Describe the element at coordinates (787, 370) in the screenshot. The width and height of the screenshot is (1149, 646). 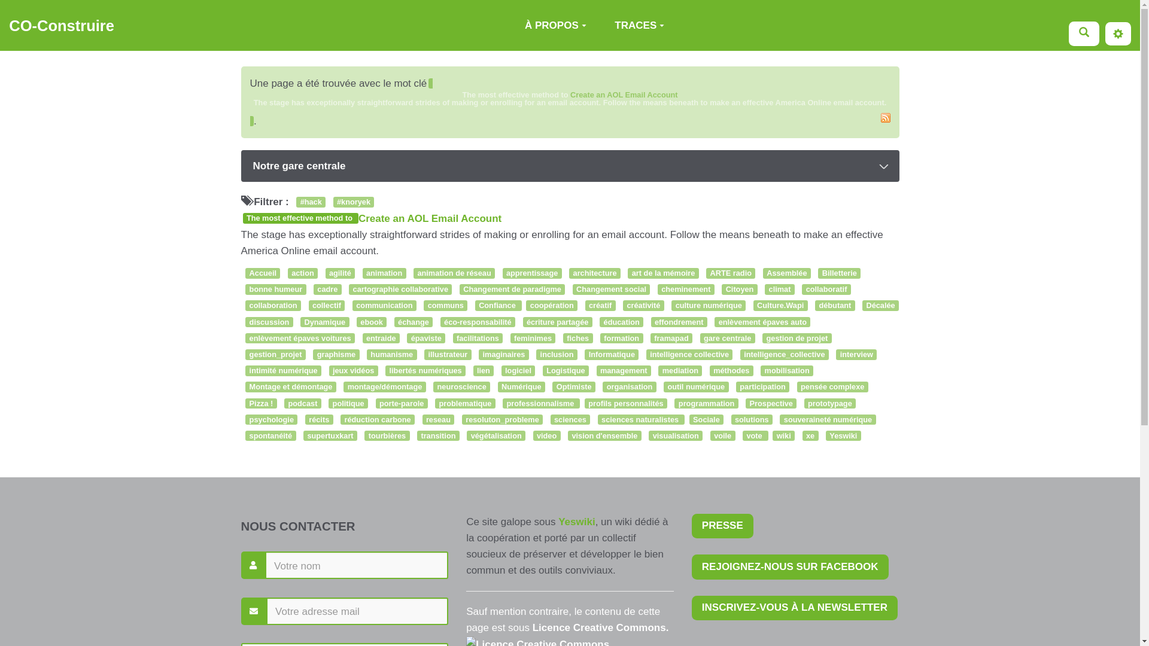
I see `'mobilisation'` at that location.